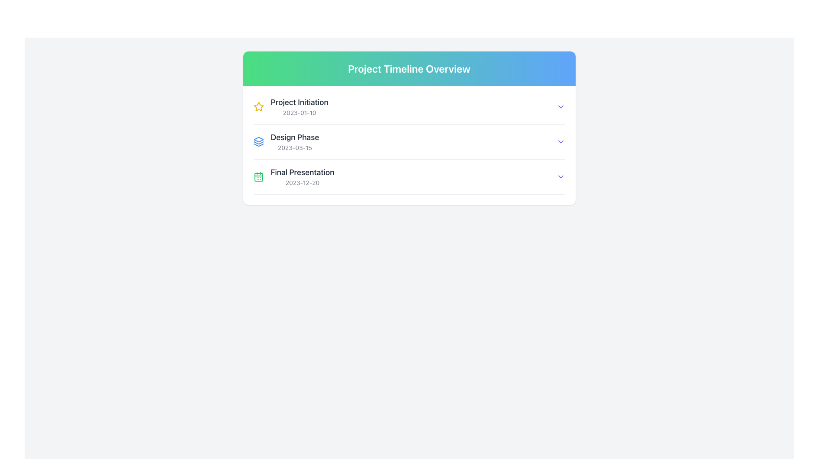  I want to click on the decorative icon representing the 'Project Initiation' entry in the timeline, located to the very left of the corresponding row, so click(258, 106).